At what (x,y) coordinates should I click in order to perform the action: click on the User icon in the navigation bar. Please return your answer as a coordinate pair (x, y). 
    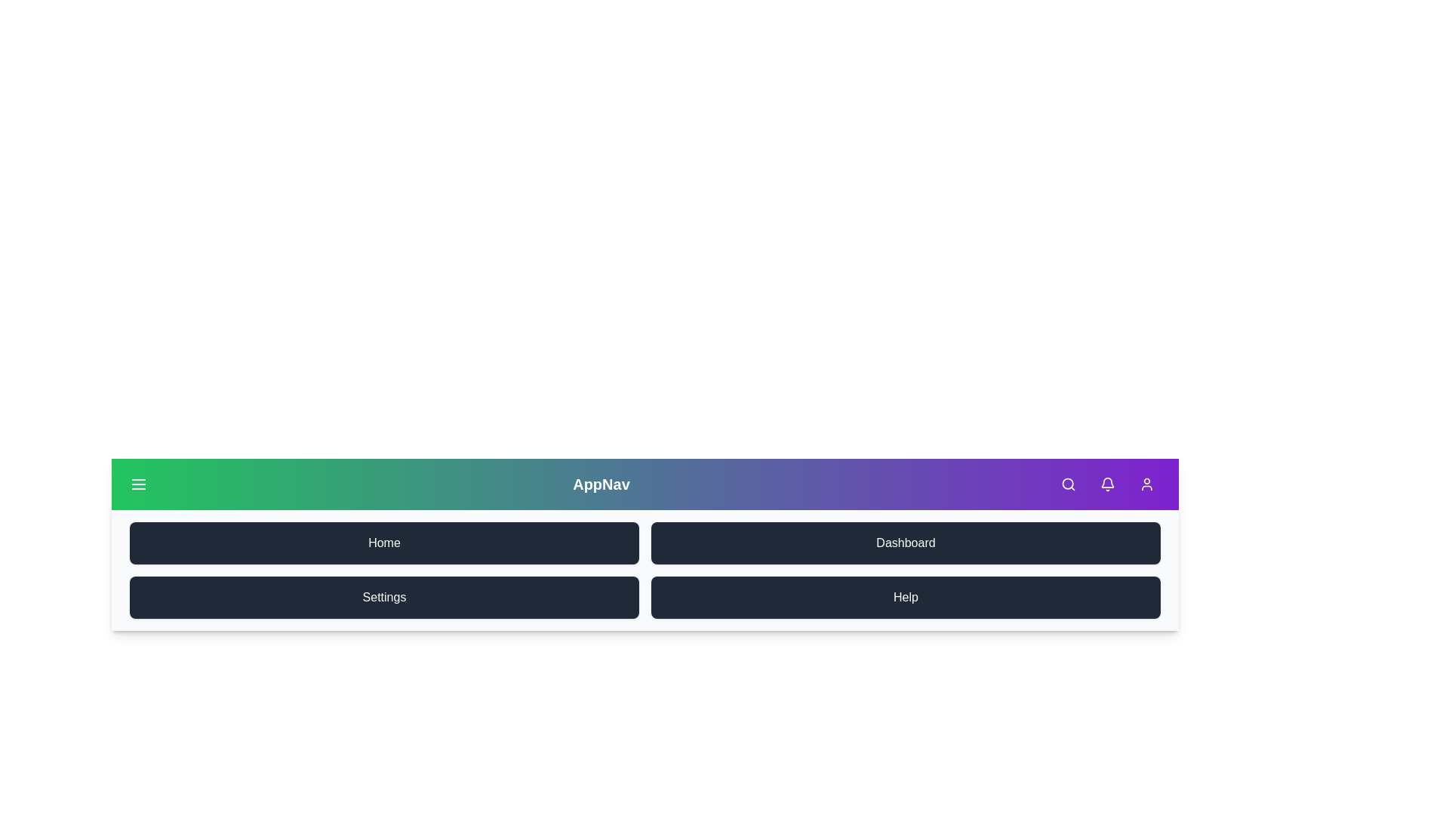
    Looking at the image, I should click on (1147, 484).